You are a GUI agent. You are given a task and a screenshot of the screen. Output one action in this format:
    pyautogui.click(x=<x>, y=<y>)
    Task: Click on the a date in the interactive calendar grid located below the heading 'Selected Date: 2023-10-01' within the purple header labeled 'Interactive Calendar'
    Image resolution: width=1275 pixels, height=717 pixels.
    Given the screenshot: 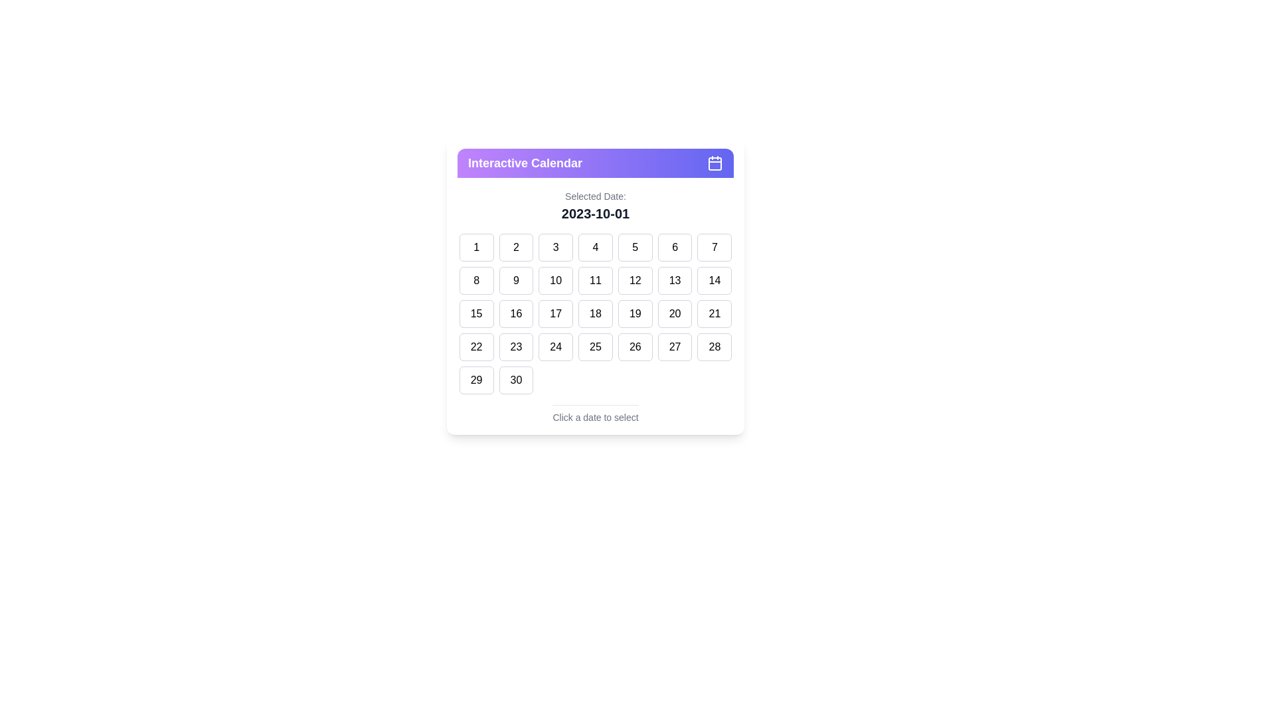 What is the action you would take?
    pyautogui.click(x=595, y=285)
    